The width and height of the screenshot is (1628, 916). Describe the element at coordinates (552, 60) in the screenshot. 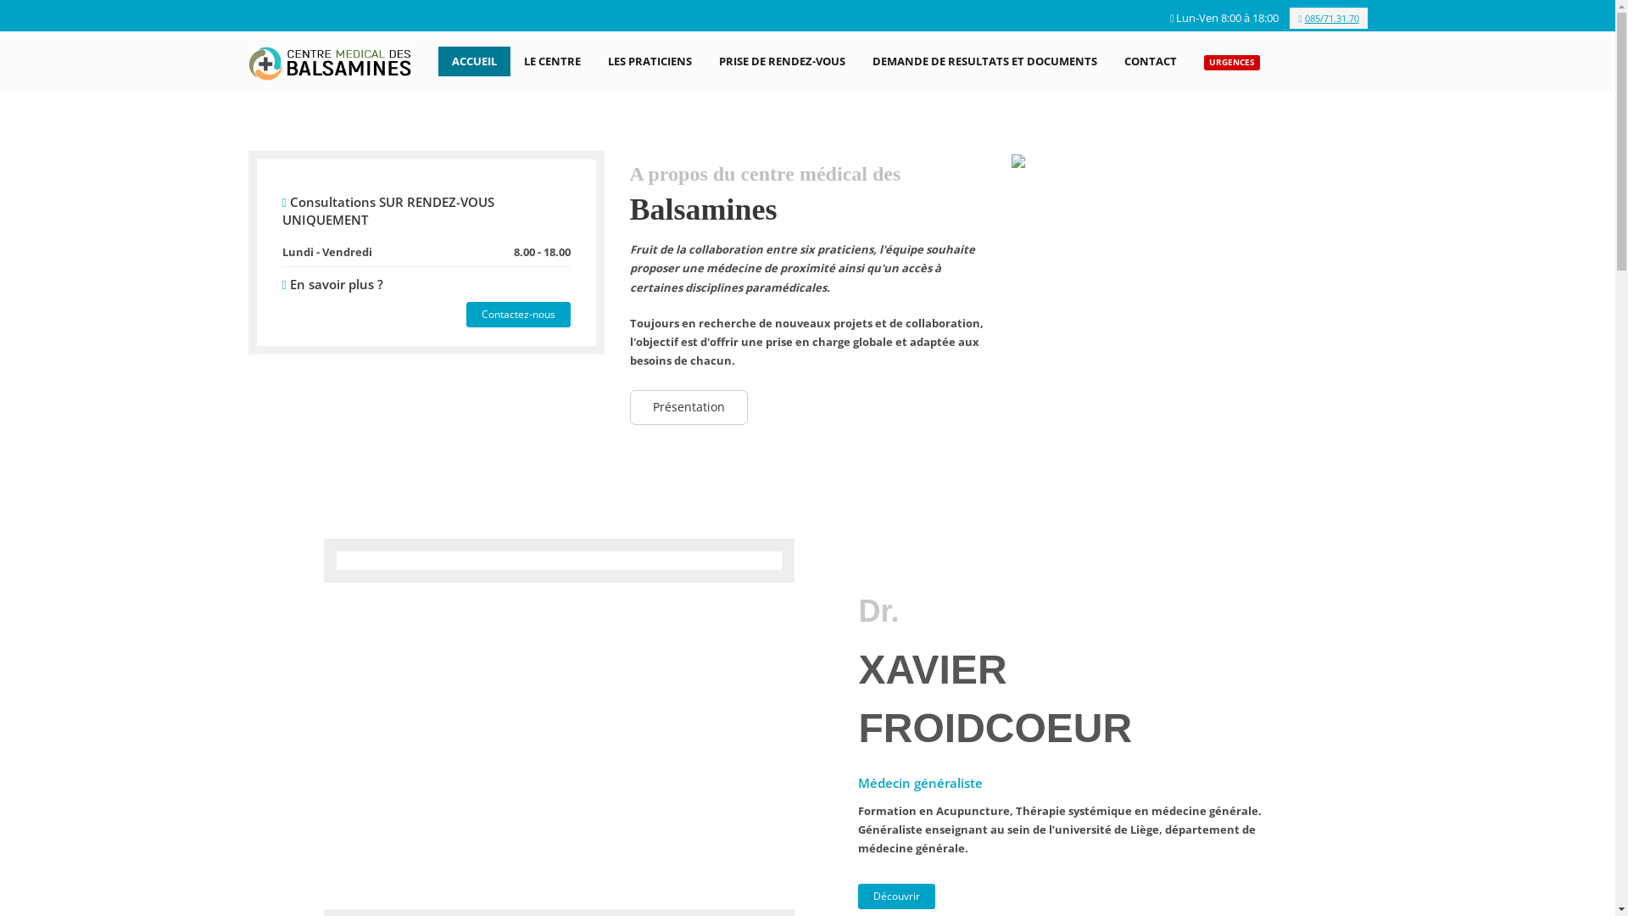

I see `'LE CENTRE'` at that location.